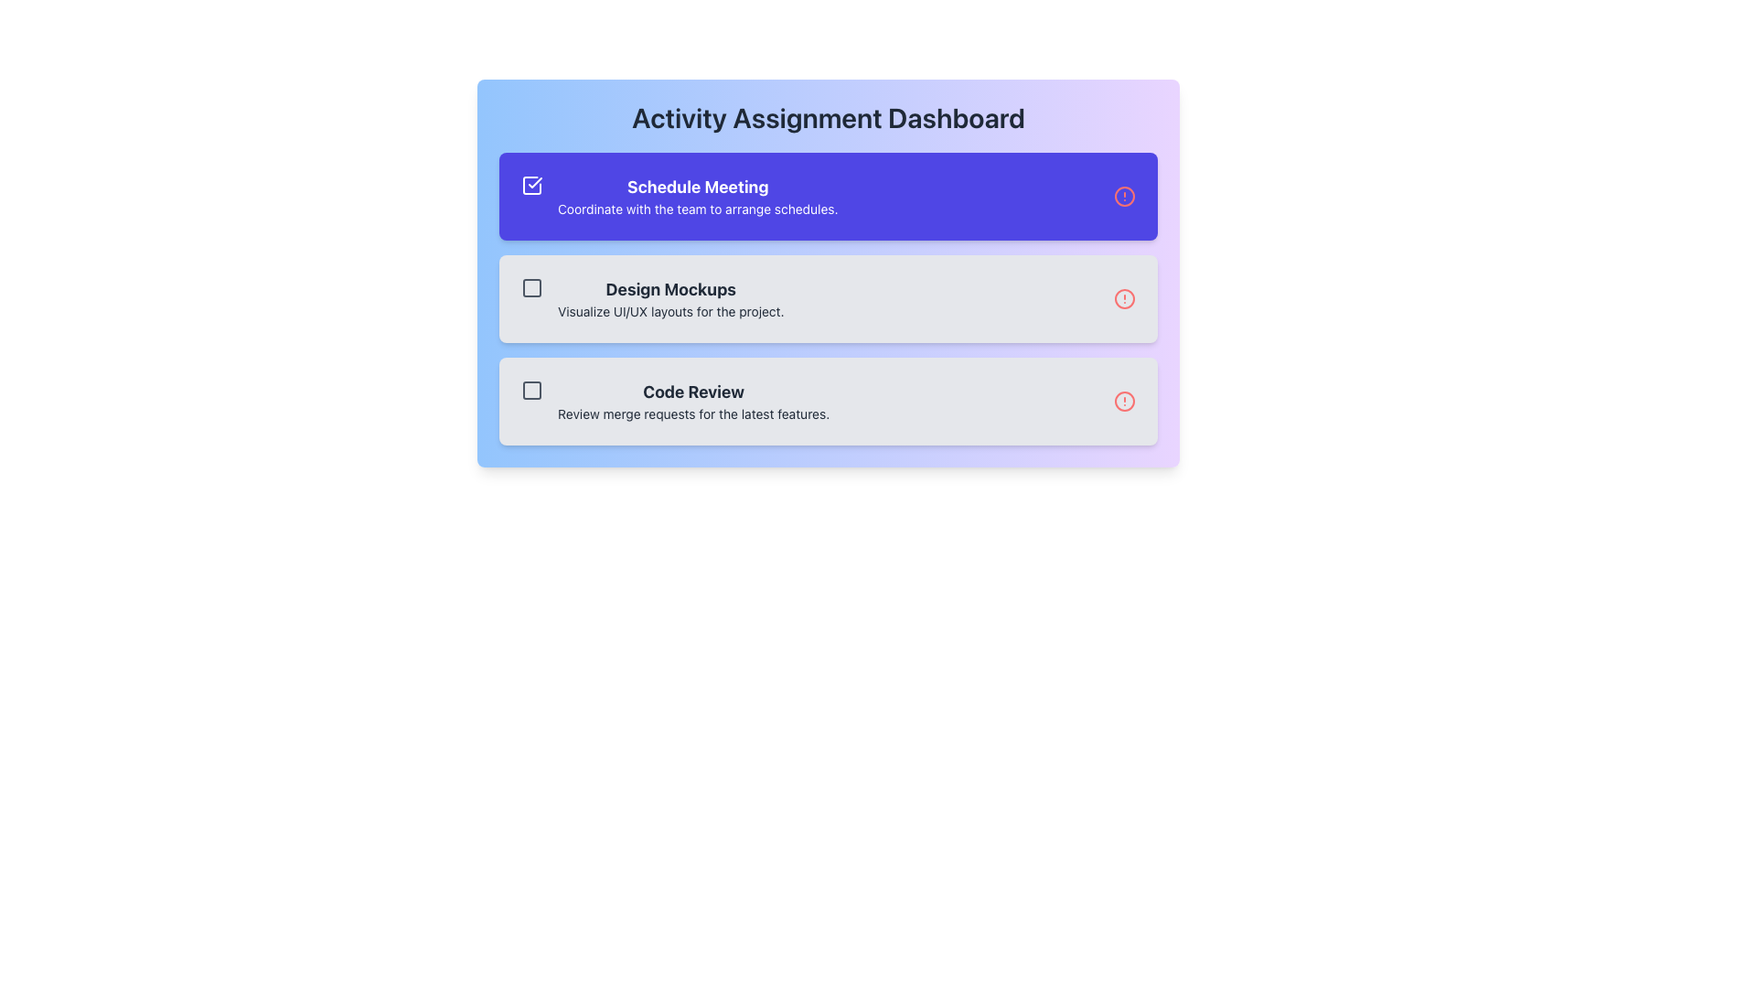  What do you see at coordinates (530, 288) in the screenshot?
I see `the checkbox icon located to the left of the text 'Design Mockups' in the second row of the list within the 'Activity Assignment Dashboard'` at bounding box center [530, 288].